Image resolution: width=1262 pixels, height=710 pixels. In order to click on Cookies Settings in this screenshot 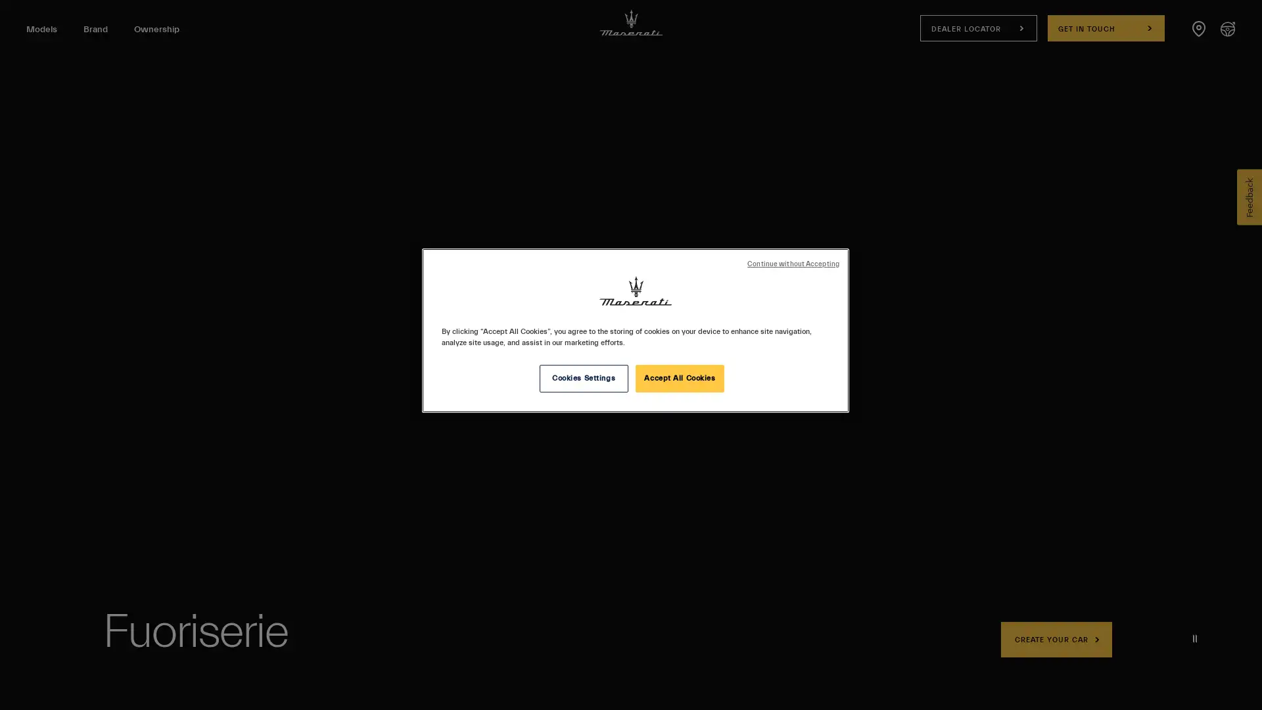, I will do `click(582, 378)`.